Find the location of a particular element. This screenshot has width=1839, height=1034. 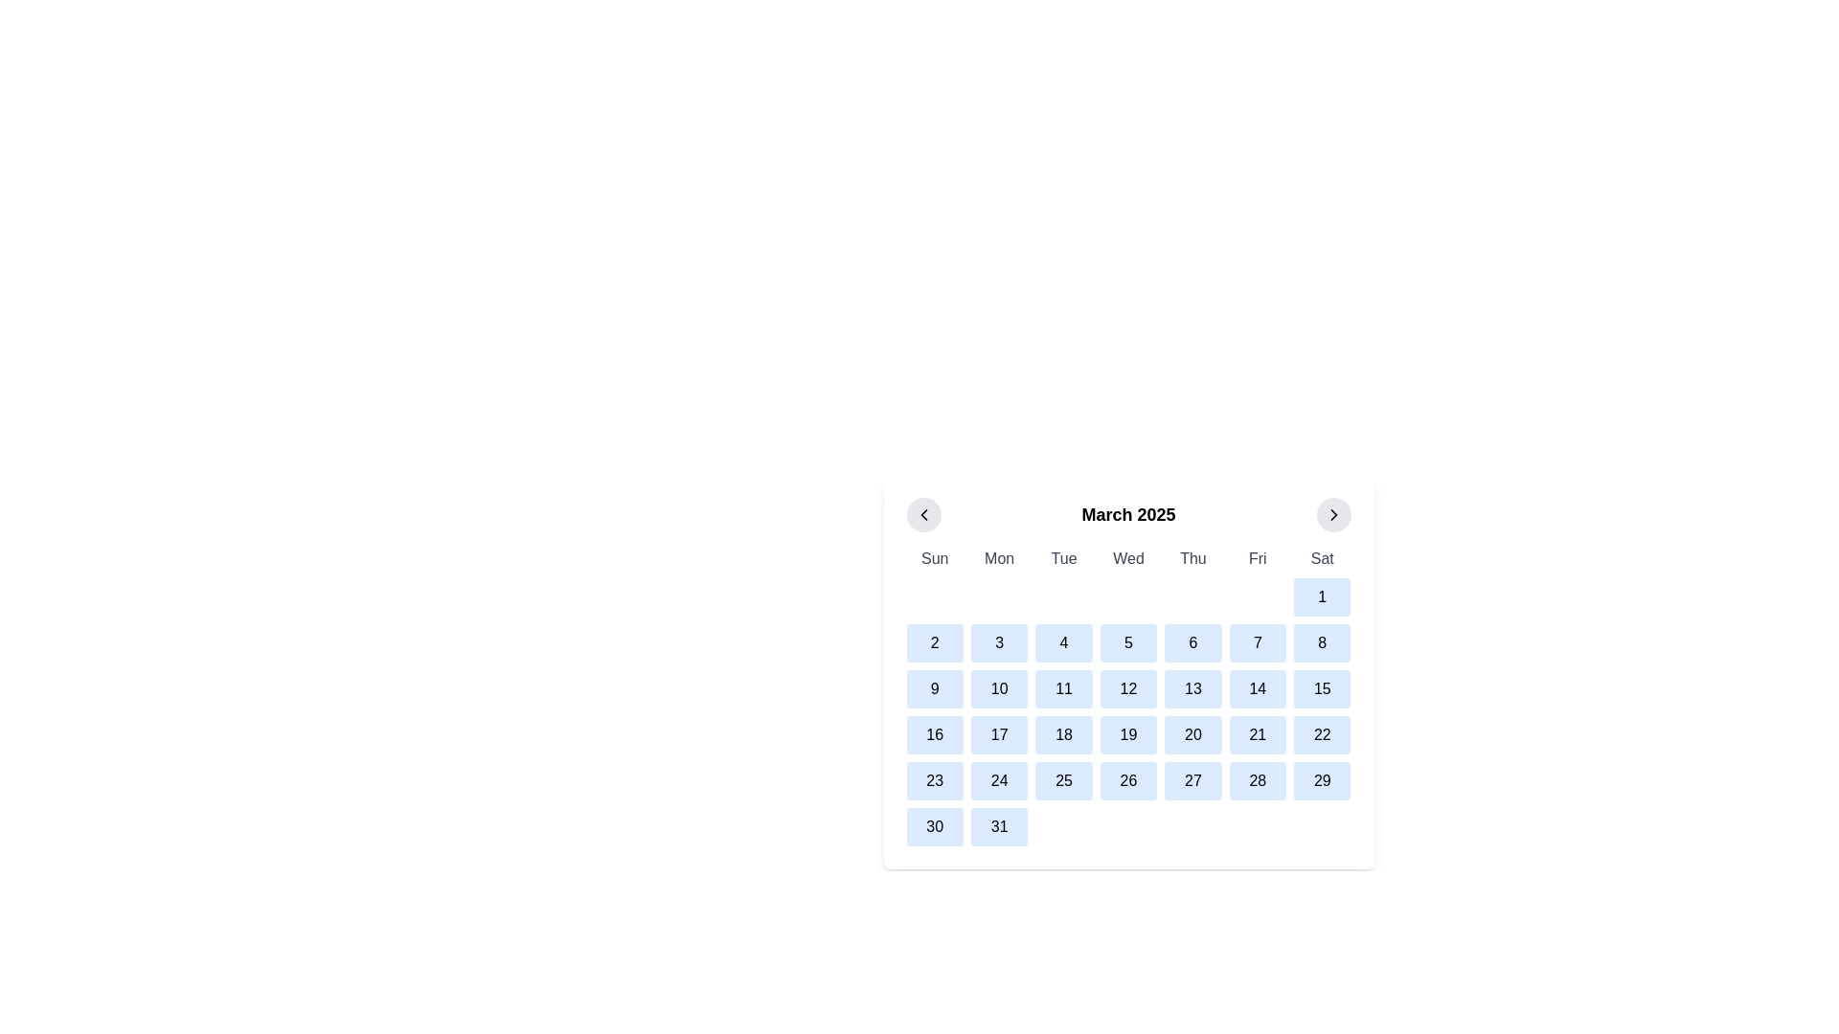

the grid cell located in the third column of the second row in the calendar interface, positioned below 'Tue' and above the cell containing '4' is located at coordinates (1063, 596).